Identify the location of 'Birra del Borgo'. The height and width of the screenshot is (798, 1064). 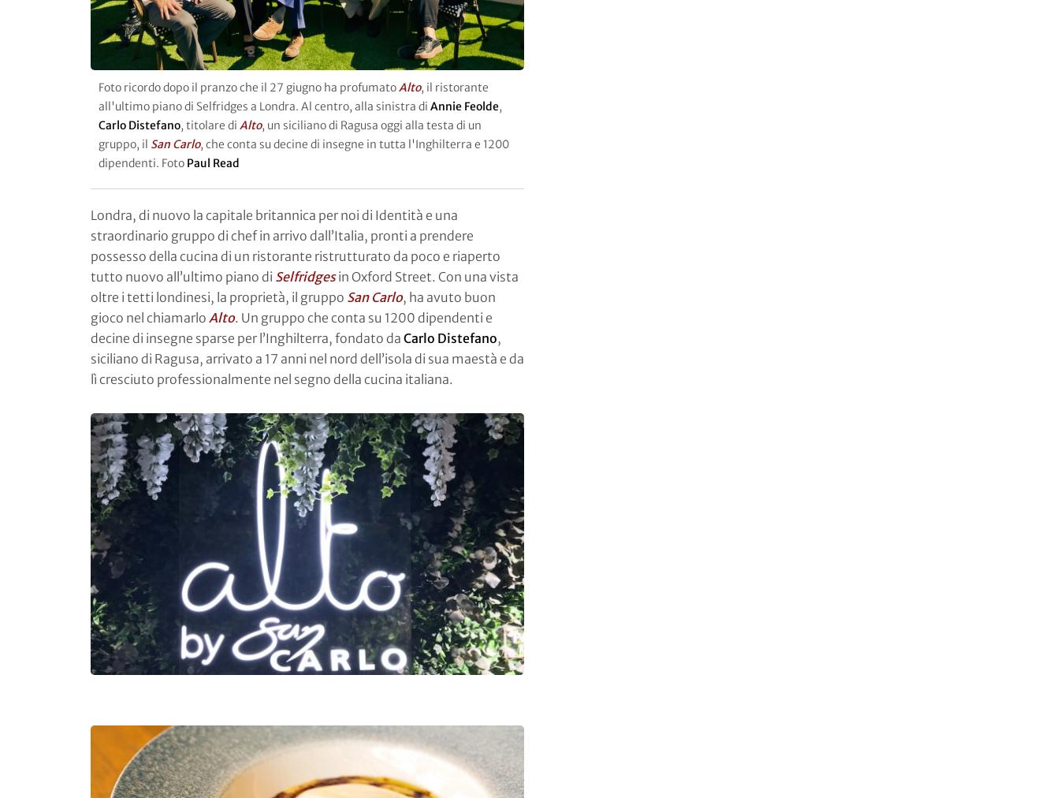
(177, 8).